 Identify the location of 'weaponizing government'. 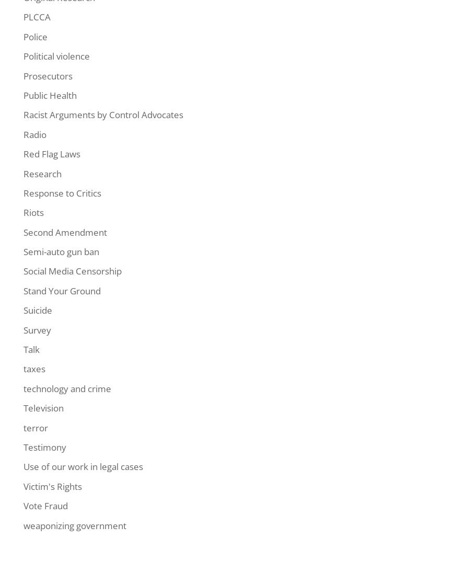
(75, 524).